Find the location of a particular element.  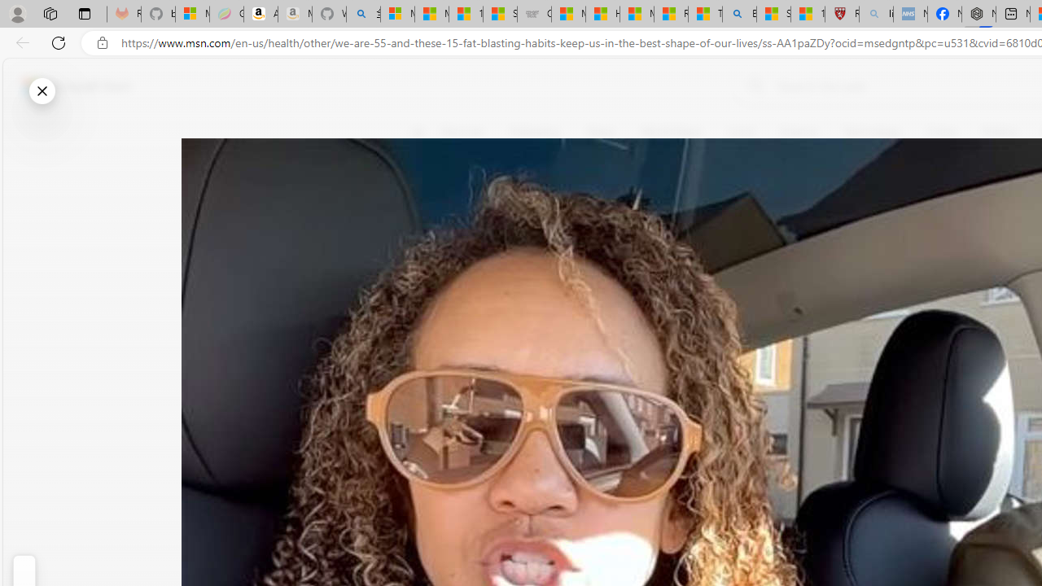

'Combat Siege' is located at coordinates (534, 14).